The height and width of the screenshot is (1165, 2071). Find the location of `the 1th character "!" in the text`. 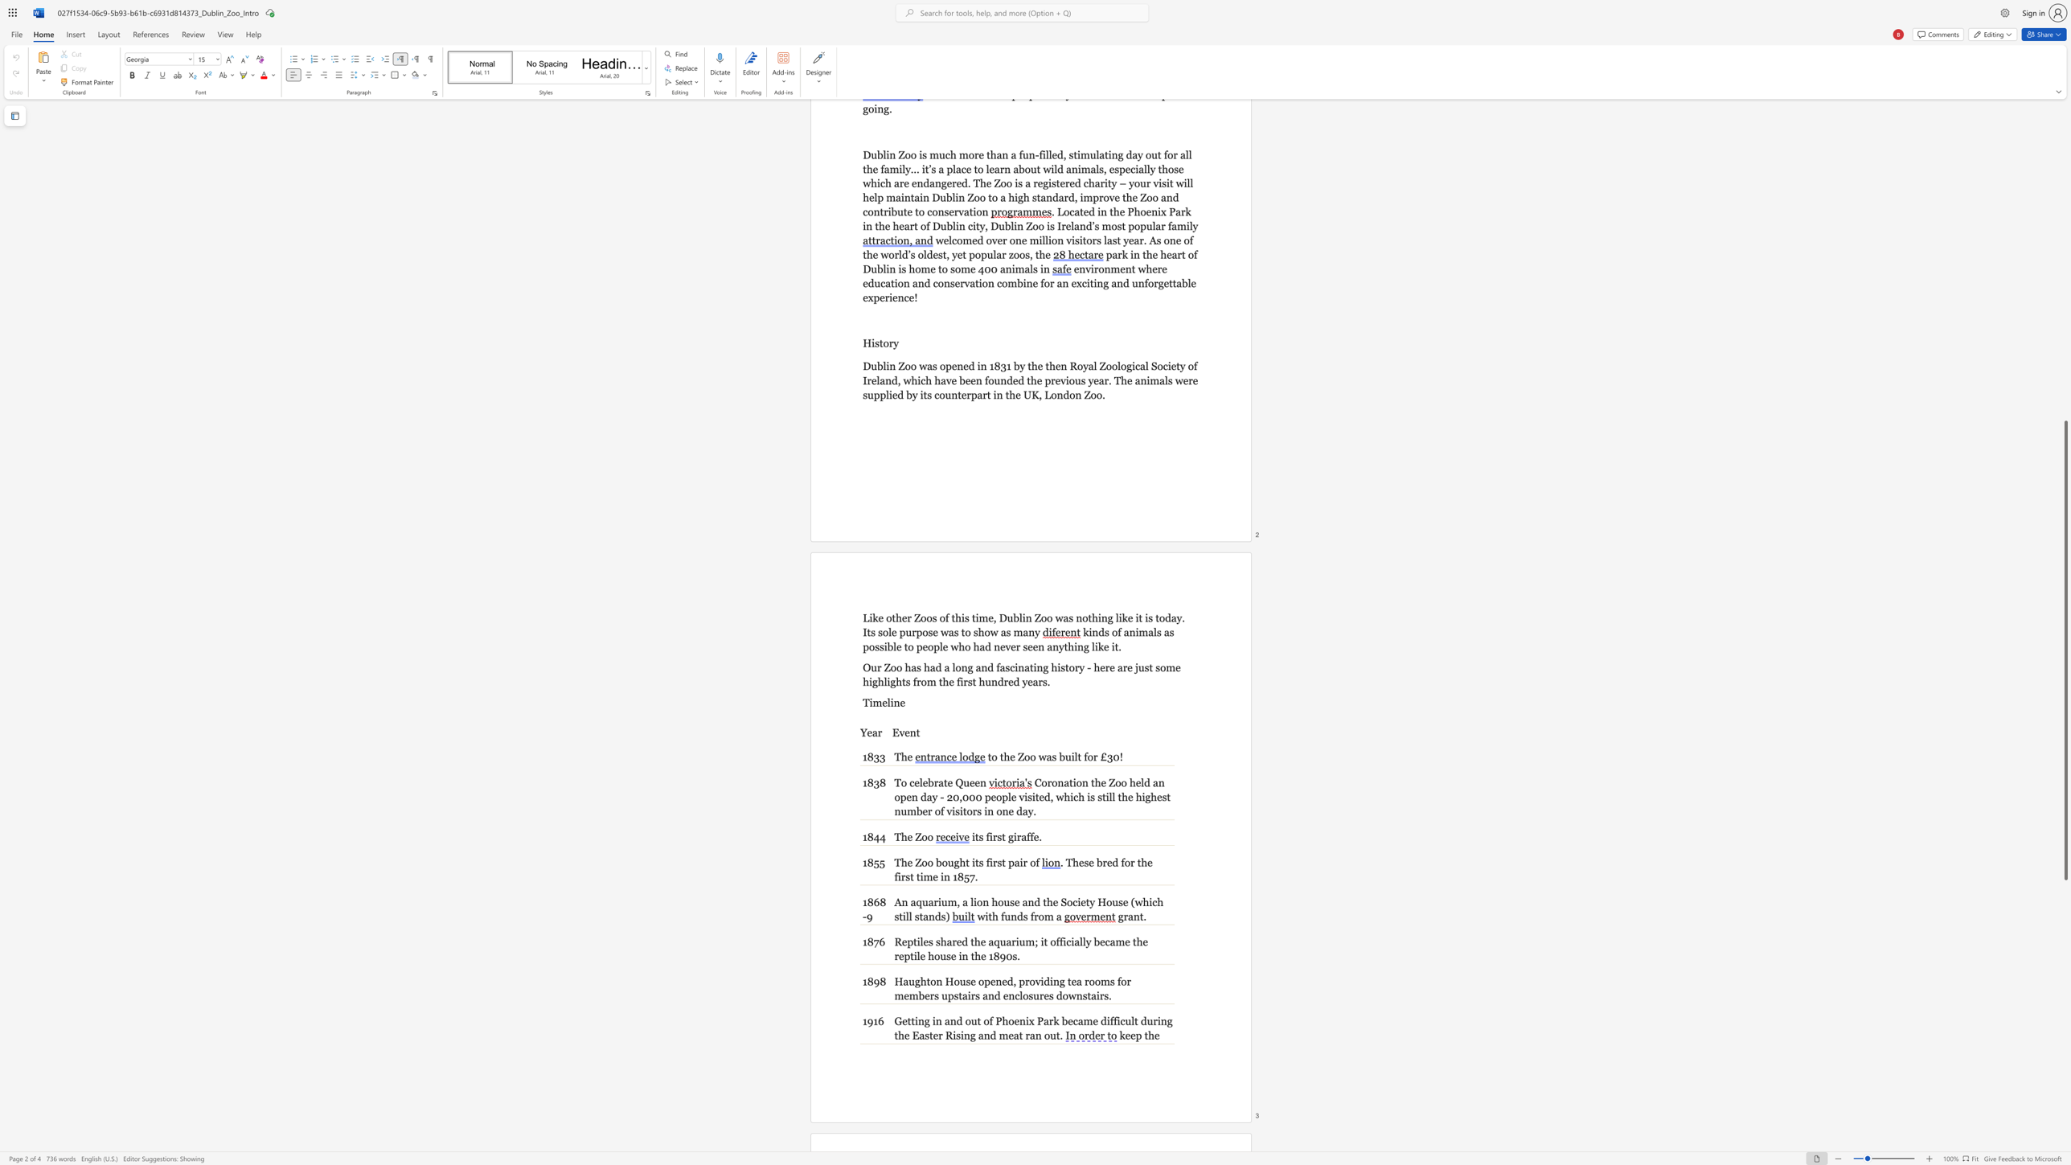

the 1th character "!" in the text is located at coordinates (1120, 757).